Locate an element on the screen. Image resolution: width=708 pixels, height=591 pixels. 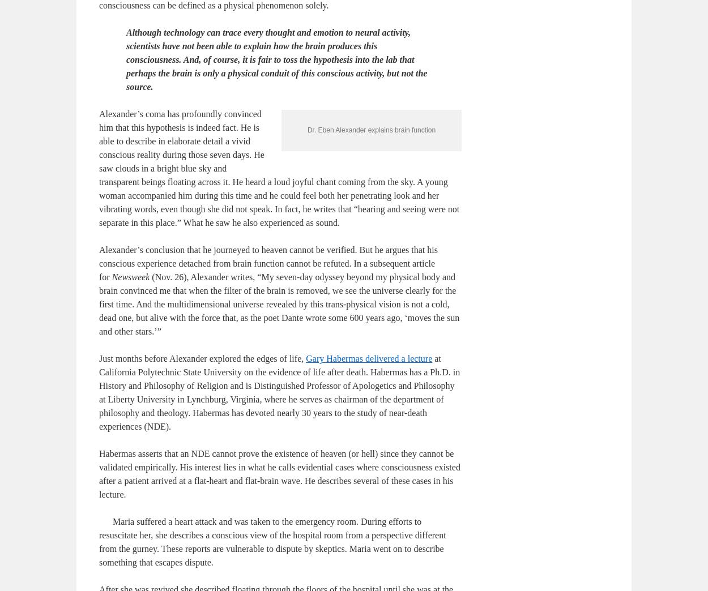
'The overwhelming majority in the scientific community argues that the brain alone produces all conscious activity. Significant advances in technology have fortified these materialists’ belief that consciousness can be defined as a physical phenomenon solely.' is located at coordinates (275, 46).